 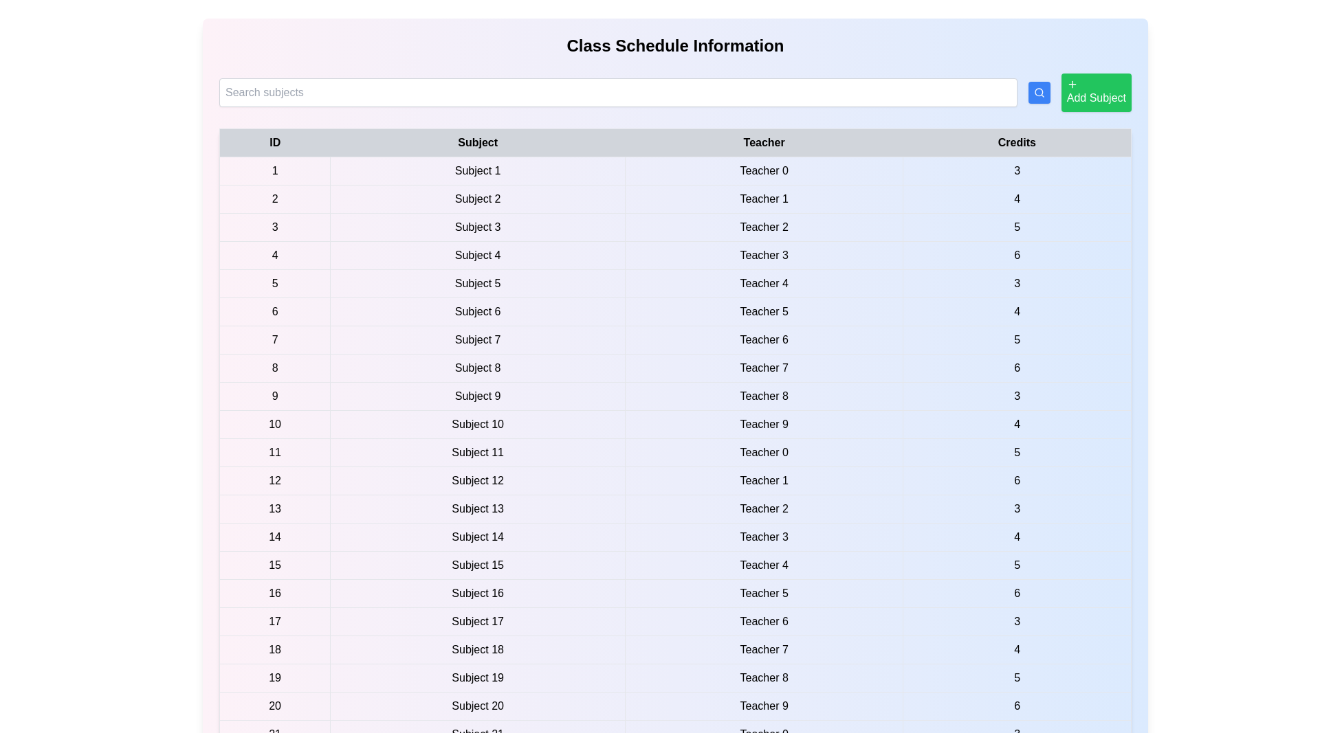 I want to click on the table header Subject to sort by that column, so click(x=478, y=143).